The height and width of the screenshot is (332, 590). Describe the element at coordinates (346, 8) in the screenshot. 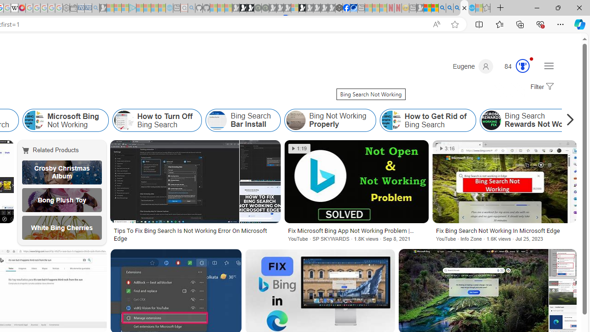

I see `'Nordace | Facebook'` at that location.